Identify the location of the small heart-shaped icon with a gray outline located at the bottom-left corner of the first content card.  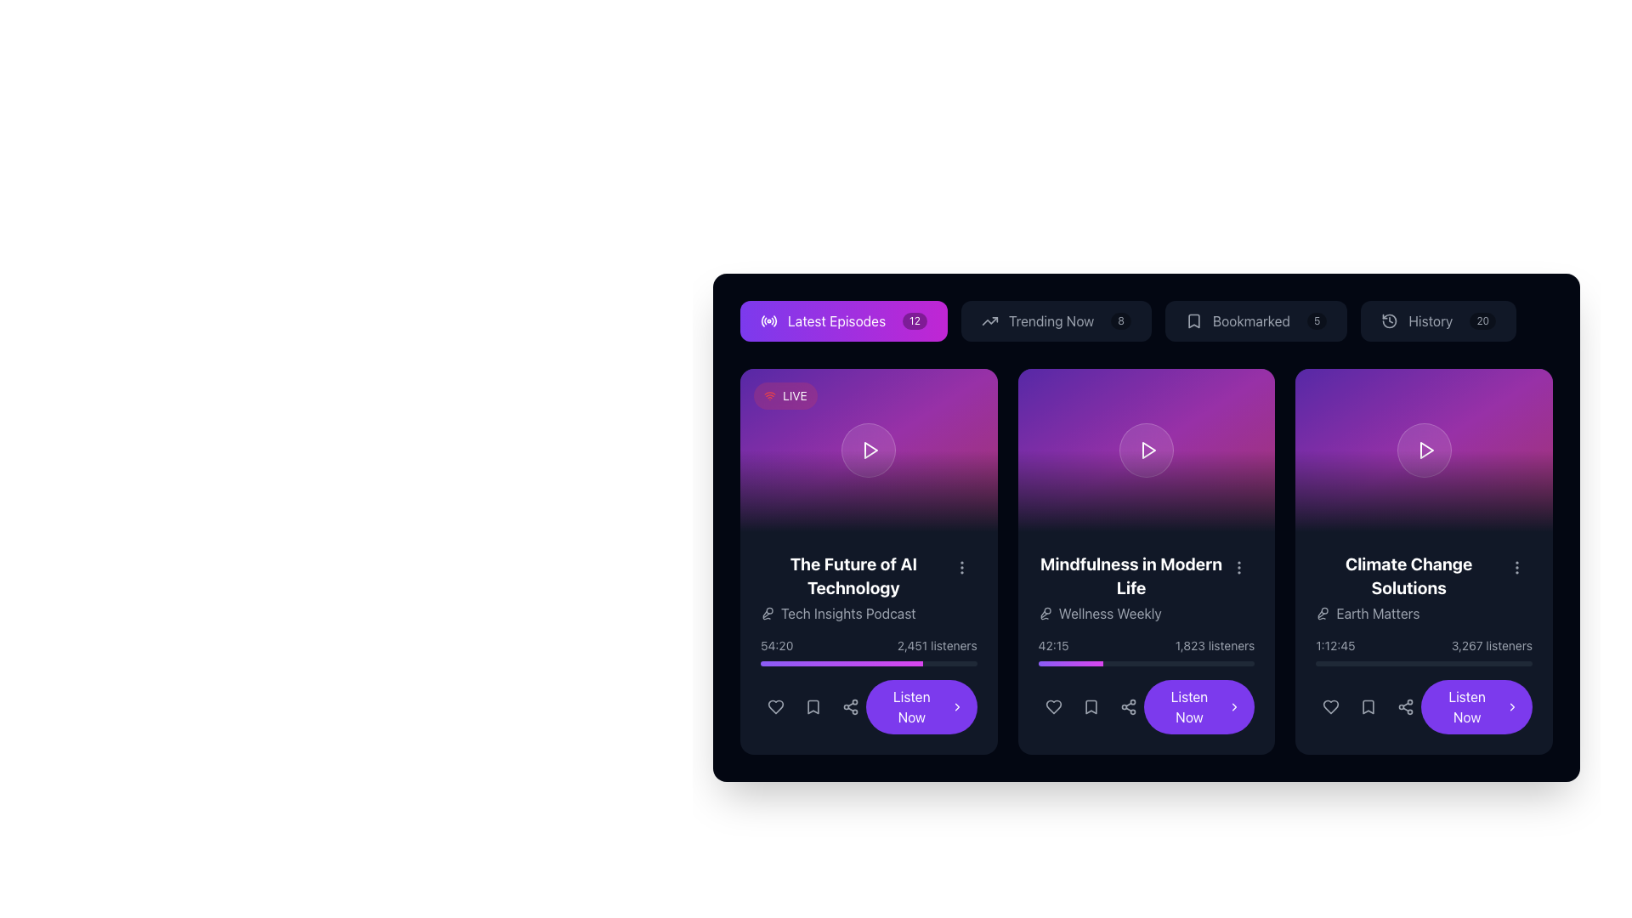
(774, 707).